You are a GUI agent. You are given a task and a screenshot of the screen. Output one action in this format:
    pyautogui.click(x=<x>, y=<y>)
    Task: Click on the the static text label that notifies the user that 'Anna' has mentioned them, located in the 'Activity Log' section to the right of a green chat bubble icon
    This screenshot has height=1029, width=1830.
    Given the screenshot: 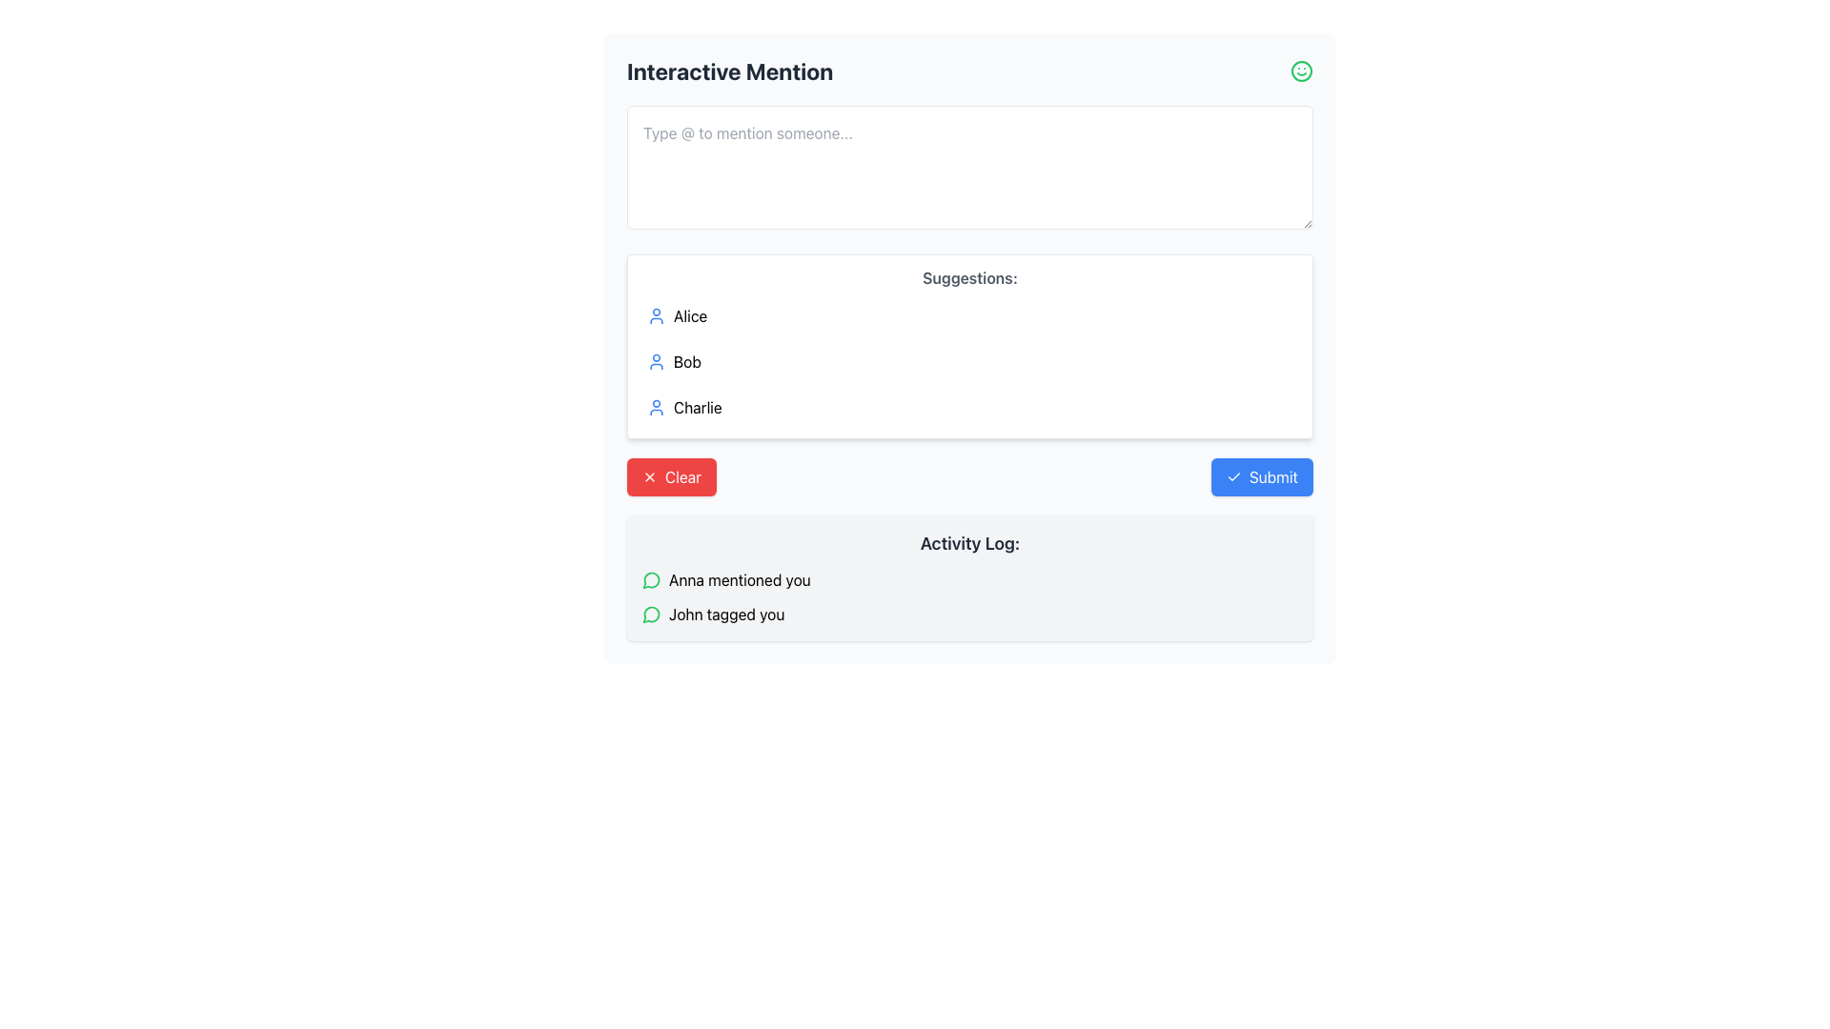 What is the action you would take?
    pyautogui.click(x=739, y=579)
    